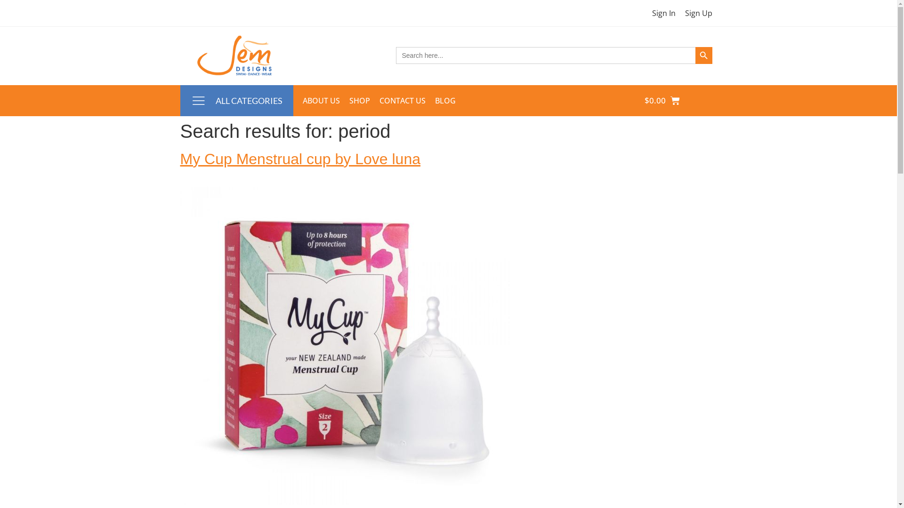 This screenshot has height=508, width=904. Describe the element at coordinates (633, 100) in the screenshot. I see `'$0.00'` at that location.